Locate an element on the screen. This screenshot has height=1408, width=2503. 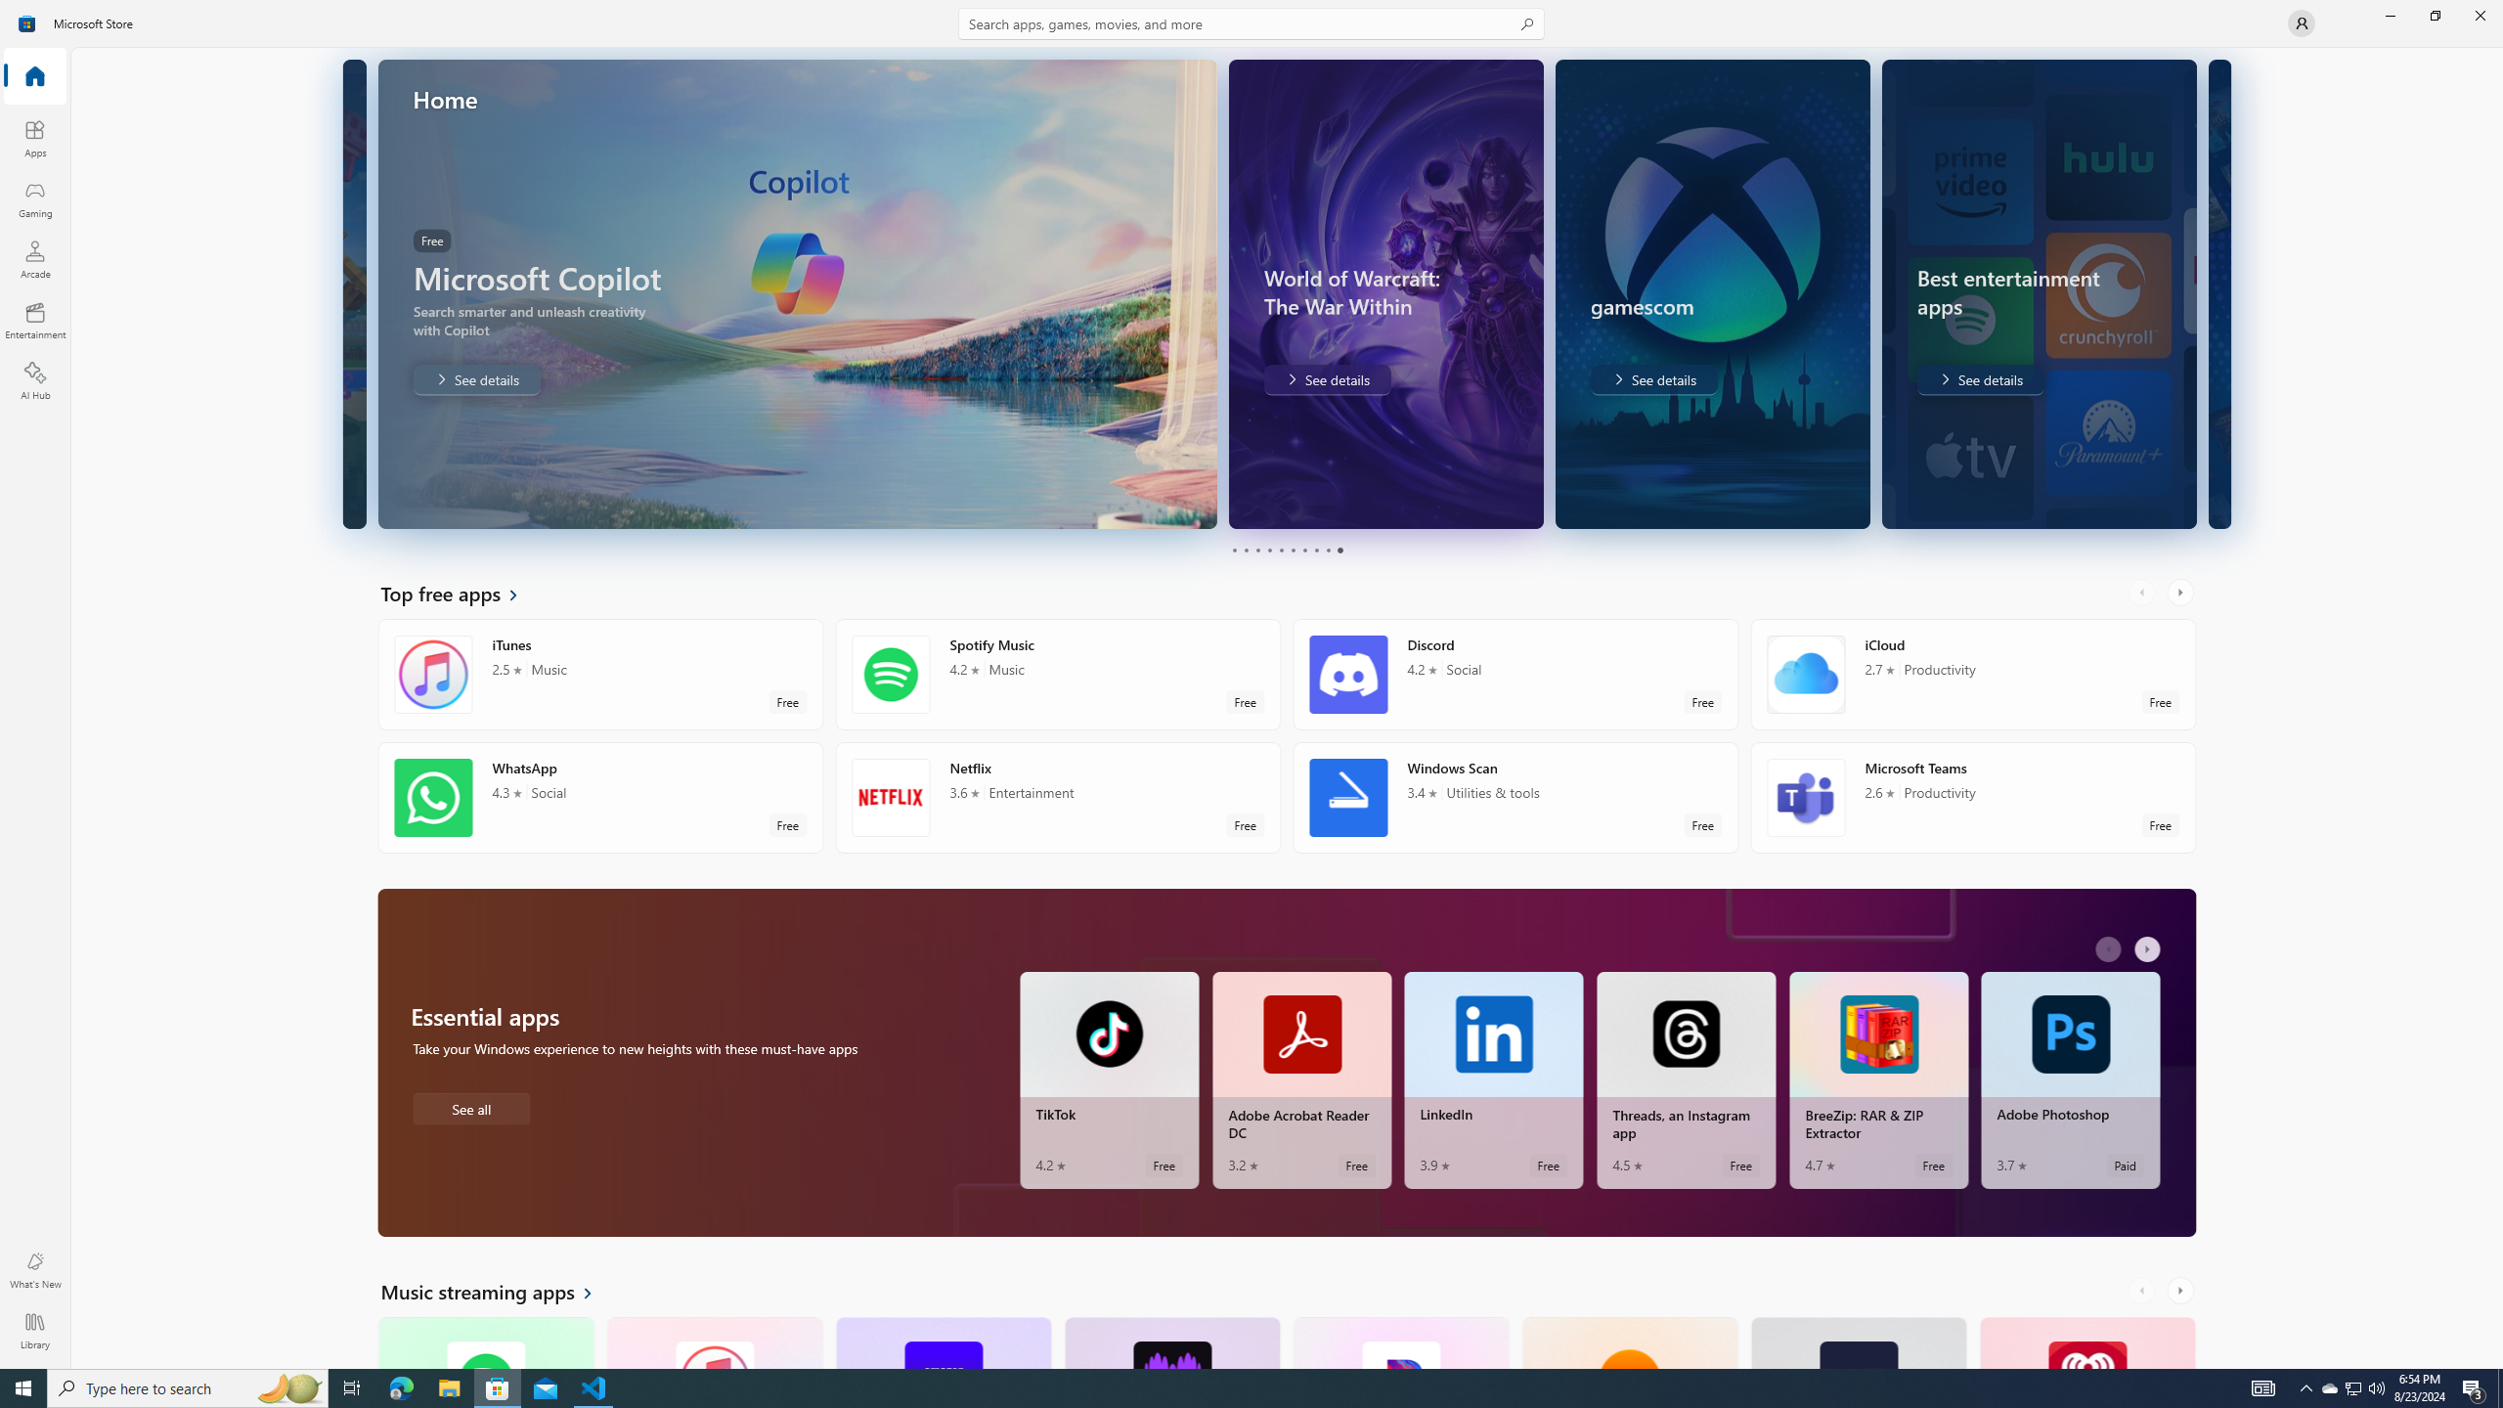
'Entertainment' is located at coordinates (33, 319).